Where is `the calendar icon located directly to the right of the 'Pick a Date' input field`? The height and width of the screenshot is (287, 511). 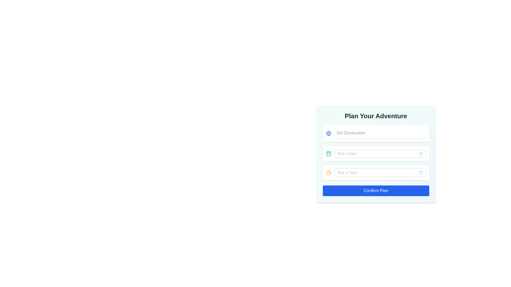
the calendar icon located directly to the right of the 'Pick a Date' input field is located at coordinates (421, 154).